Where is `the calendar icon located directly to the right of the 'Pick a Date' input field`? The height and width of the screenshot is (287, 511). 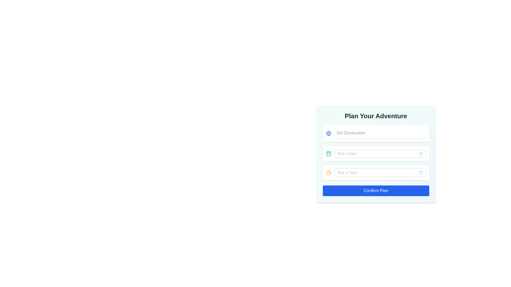
the calendar icon located directly to the right of the 'Pick a Date' input field is located at coordinates (421, 154).